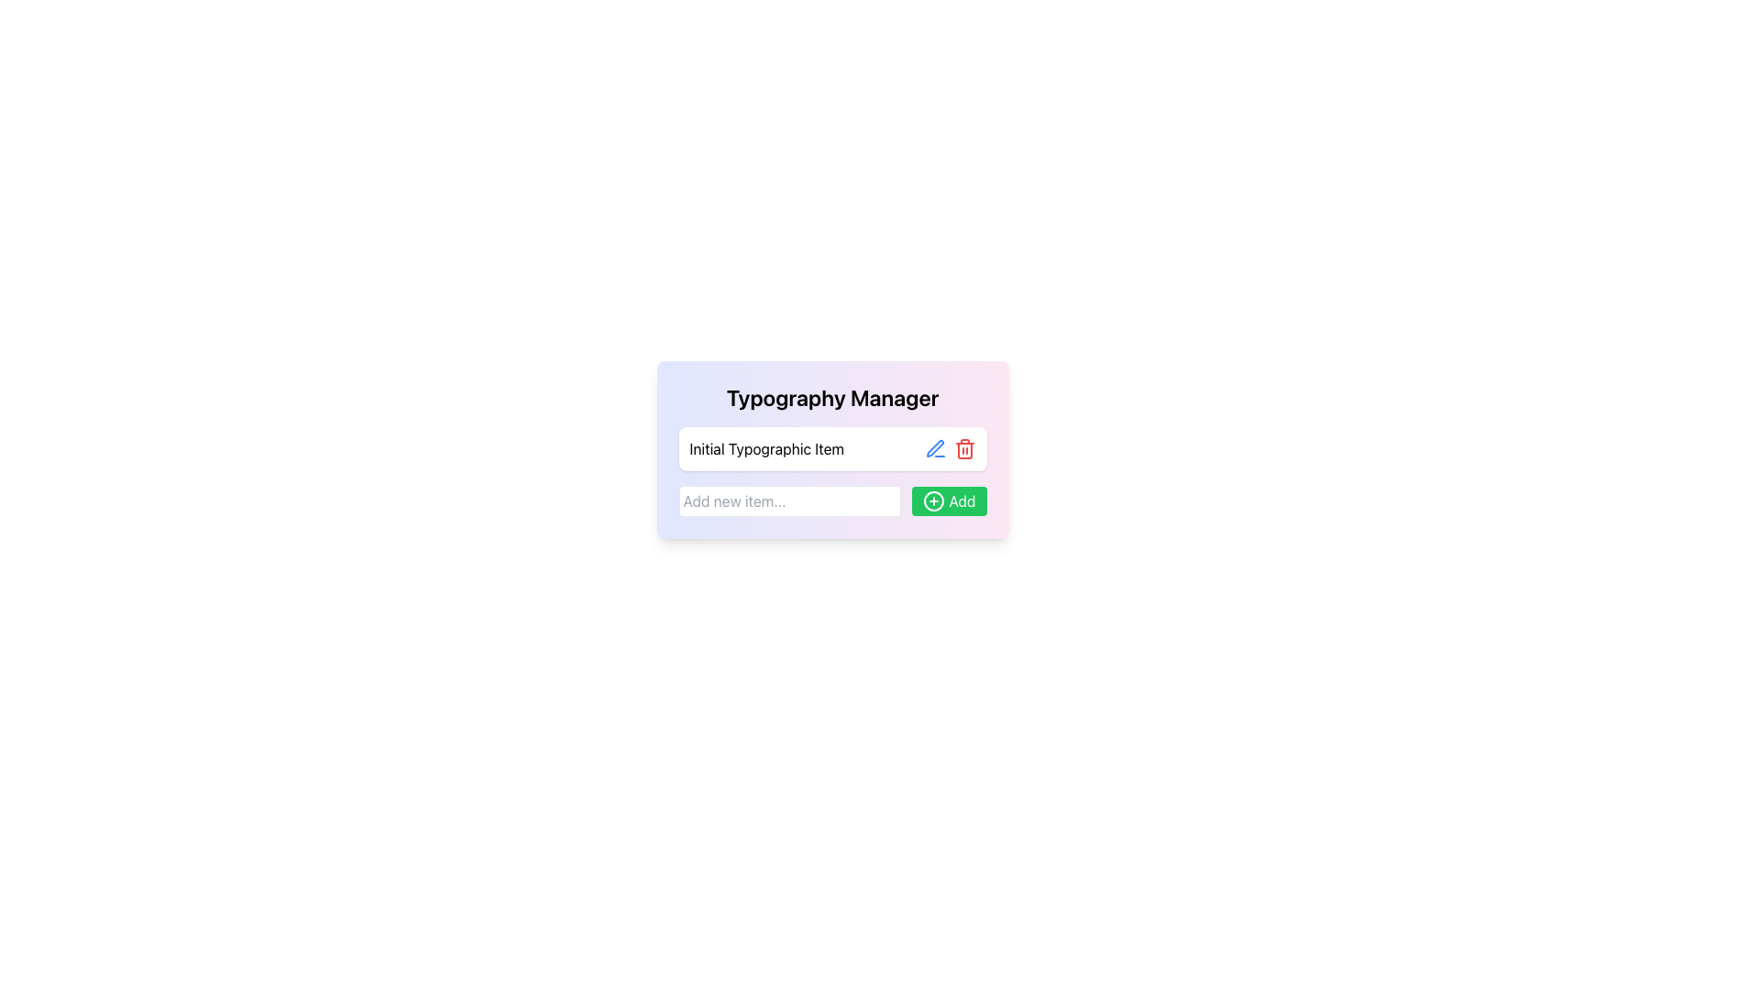  I want to click on the text heading element labeled 'Typography Manager', which is prominently displayed in bold and larger font at the top of the panel, so click(831, 397).